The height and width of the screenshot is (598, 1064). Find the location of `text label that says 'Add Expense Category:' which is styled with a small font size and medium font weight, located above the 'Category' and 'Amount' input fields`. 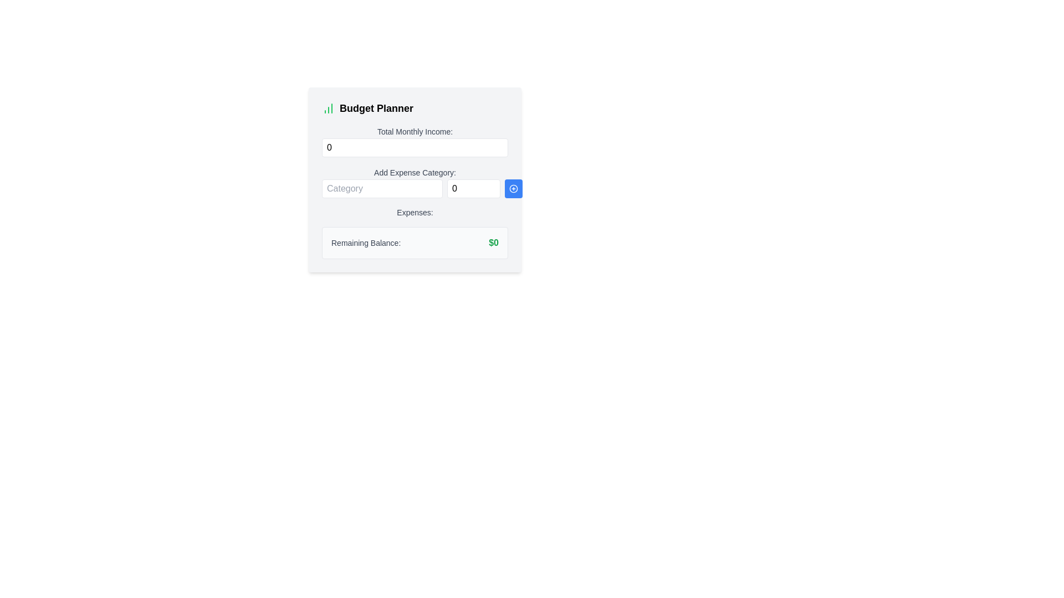

text label that says 'Add Expense Category:' which is styled with a small font size and medium font weight, located above the 'Category' and 'Amount' input fields is located at coordinates (414, 173).